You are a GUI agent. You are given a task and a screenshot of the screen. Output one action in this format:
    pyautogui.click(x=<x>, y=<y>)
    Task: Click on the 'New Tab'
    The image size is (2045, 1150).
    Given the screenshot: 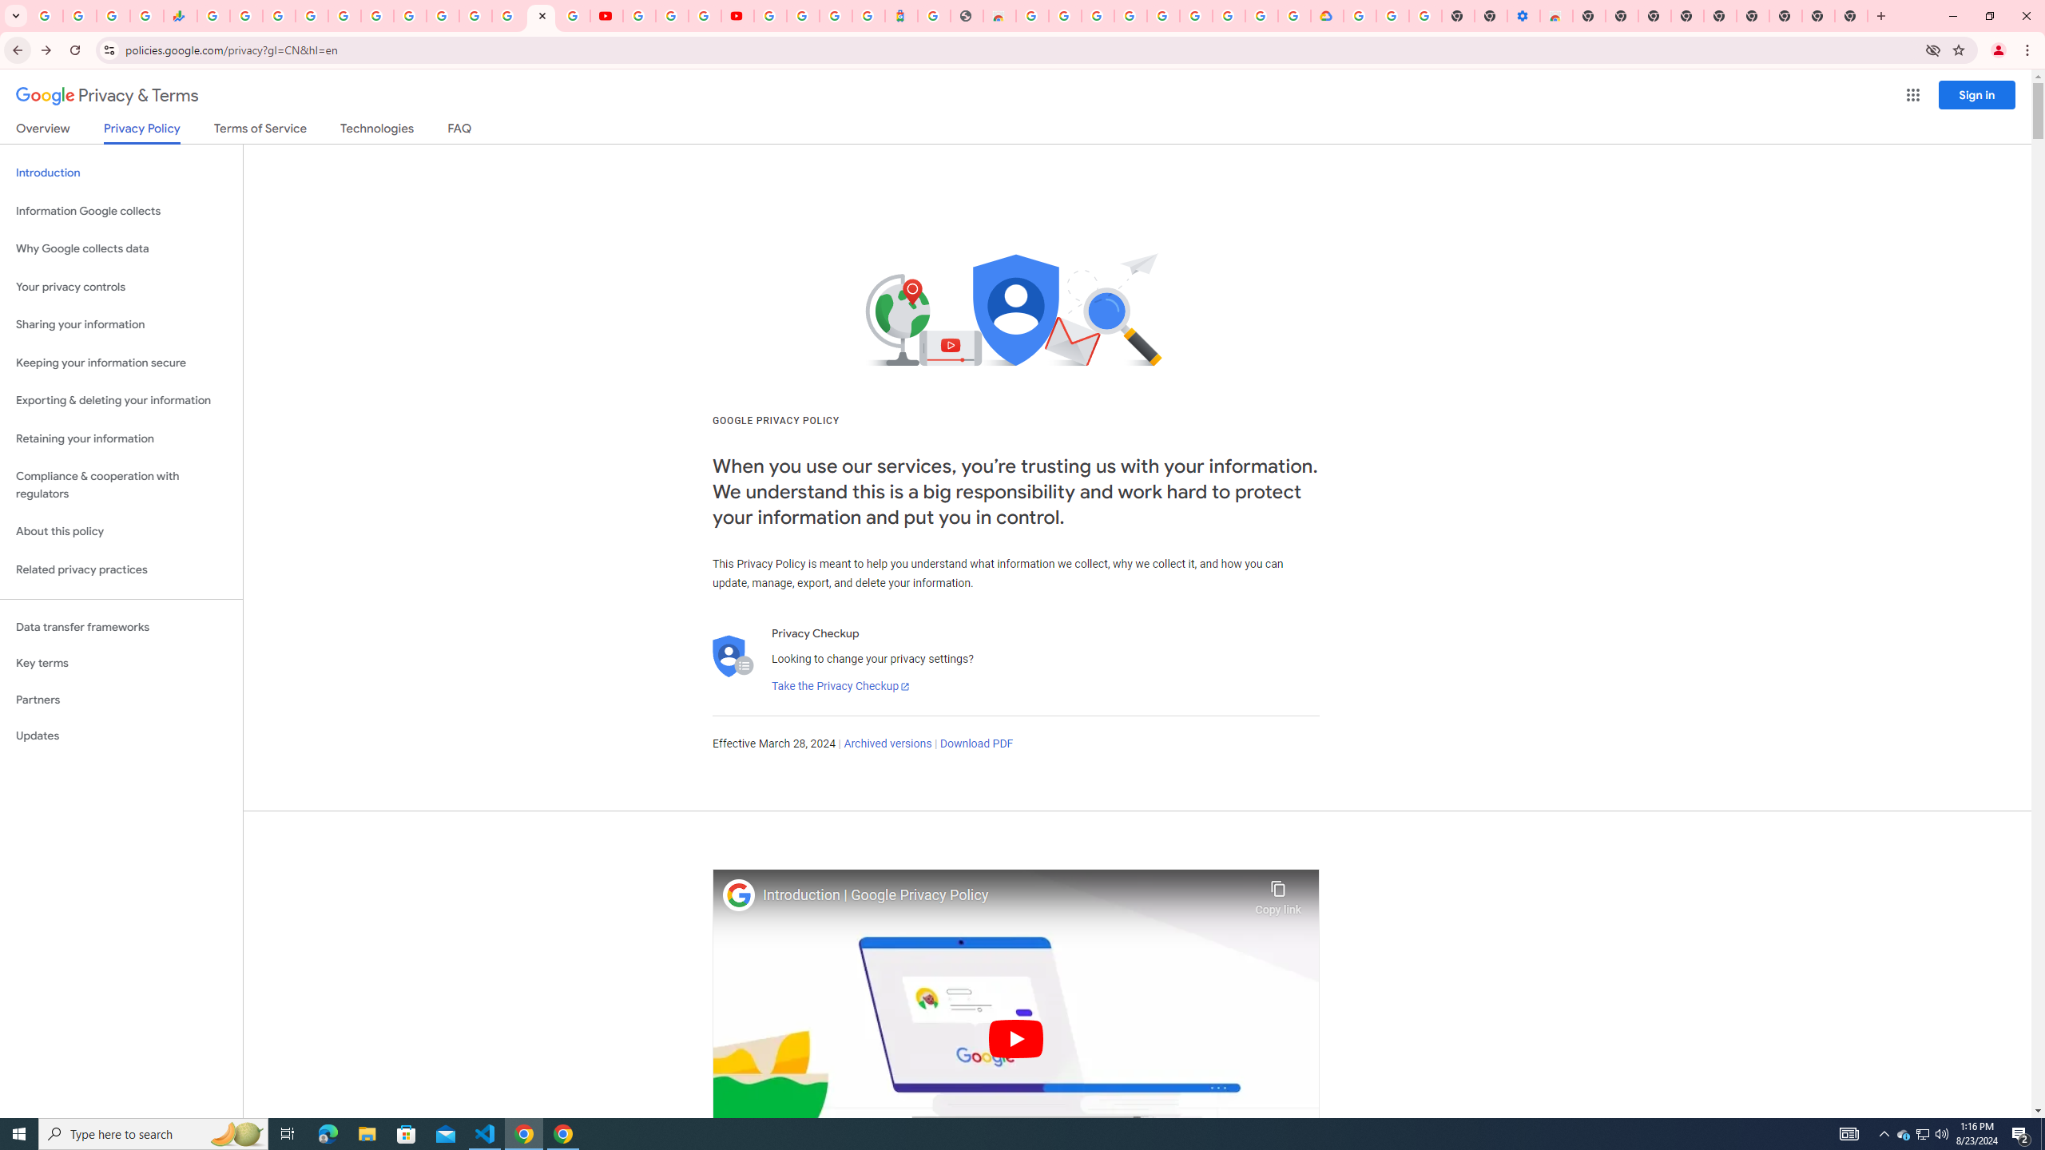 What is the action you would take?
    pyautogui.click(x=1852, y=15)
    